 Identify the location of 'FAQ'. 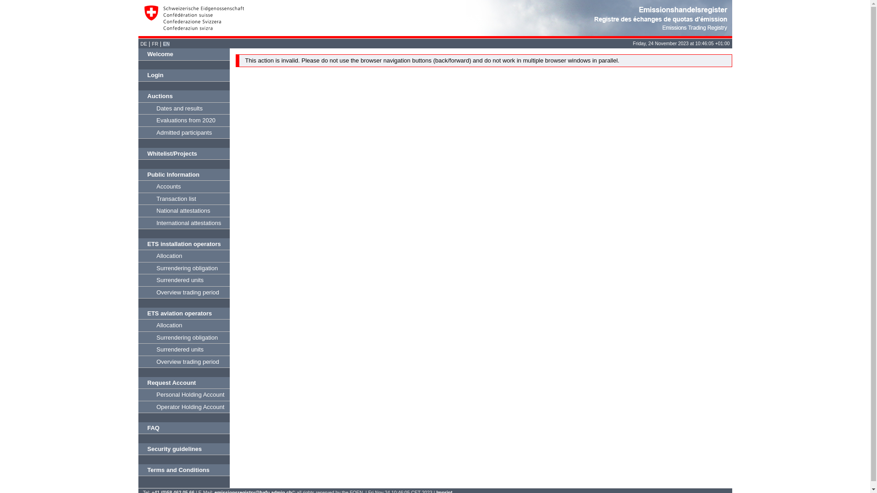
(137, 428).